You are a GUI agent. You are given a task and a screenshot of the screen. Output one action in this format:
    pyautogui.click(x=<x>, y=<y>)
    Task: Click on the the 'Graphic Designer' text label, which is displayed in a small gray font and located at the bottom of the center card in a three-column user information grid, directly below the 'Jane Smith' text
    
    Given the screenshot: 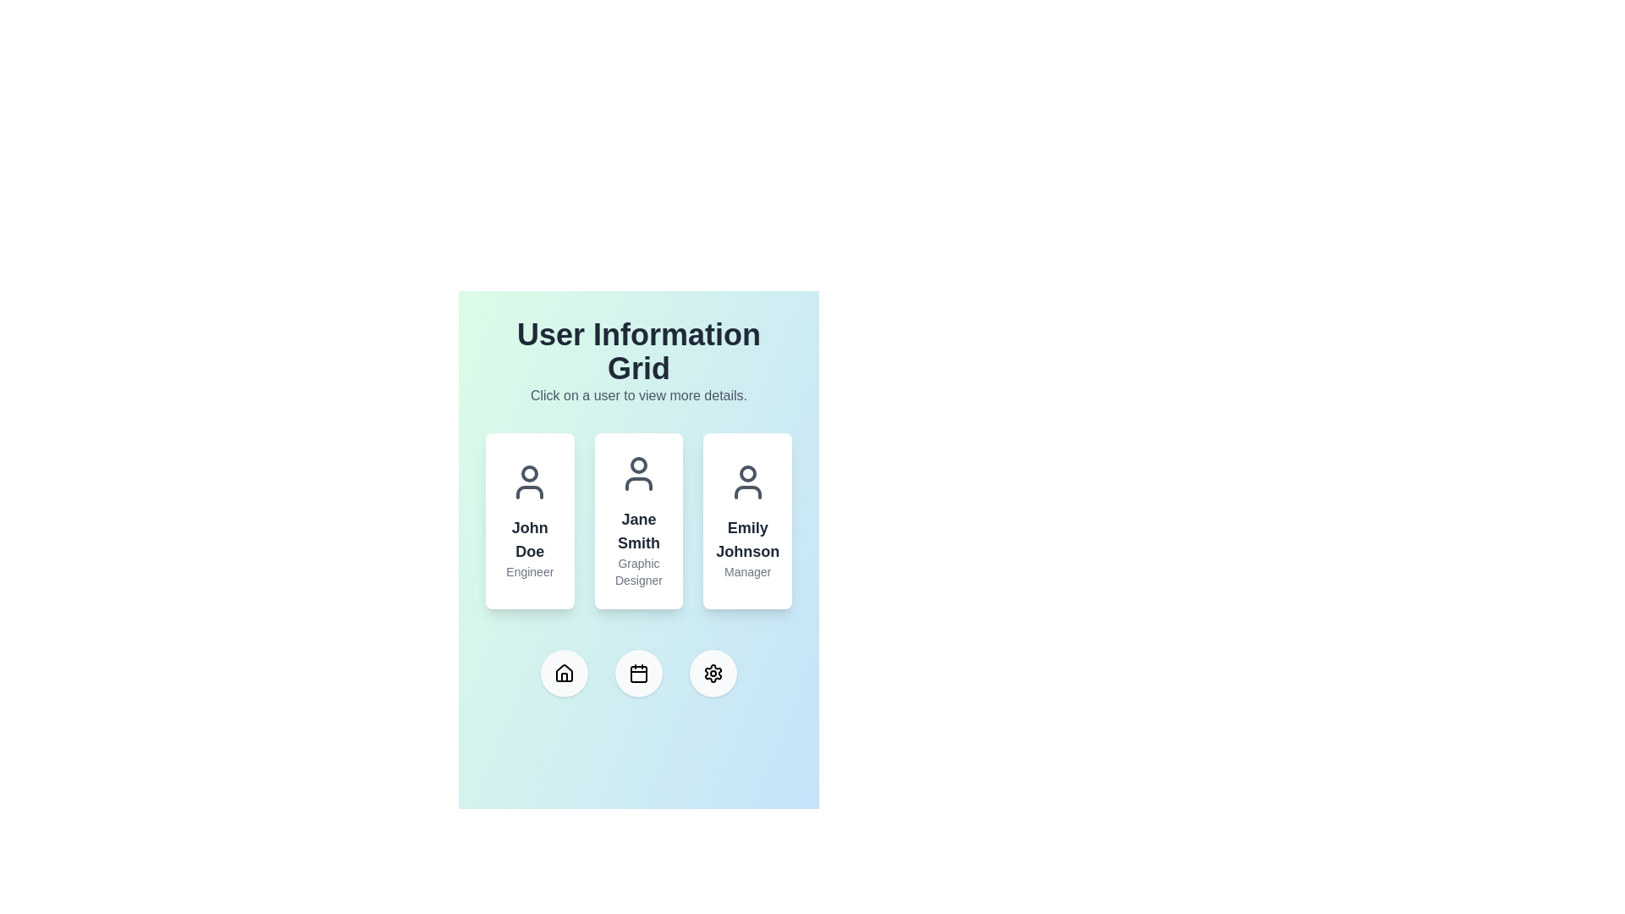 What is the action you would take?
    pyautogui.click(x=637, y=571)
    